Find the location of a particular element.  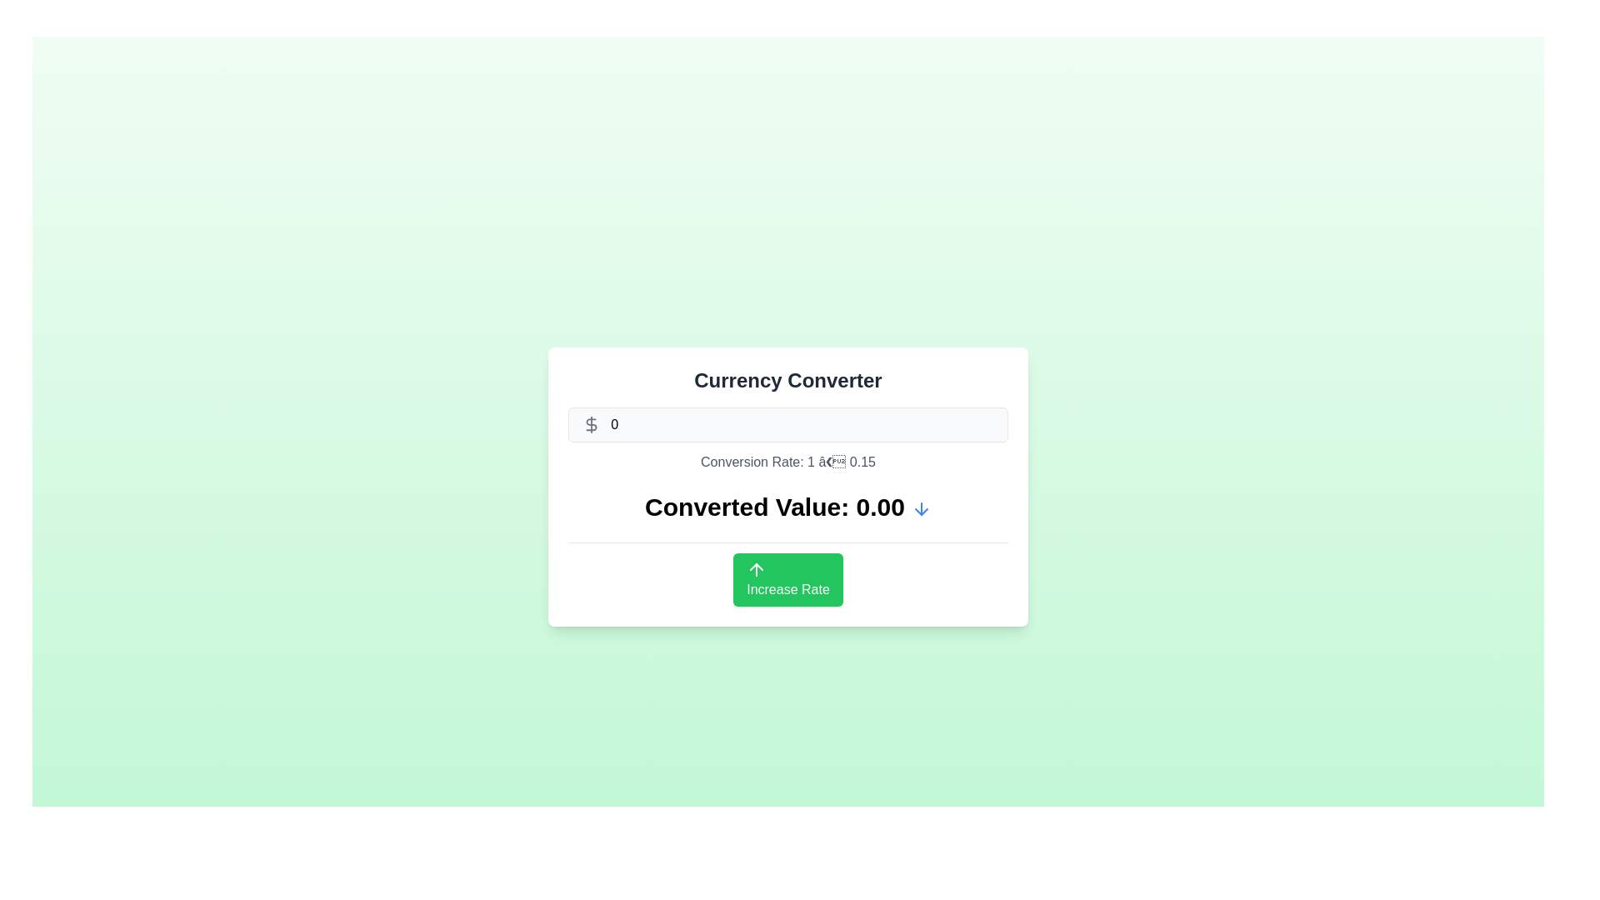

the green 'Increase Rate' button that contains the upward arrow icon located at the top section of the button is located at coordinates (756, 568).